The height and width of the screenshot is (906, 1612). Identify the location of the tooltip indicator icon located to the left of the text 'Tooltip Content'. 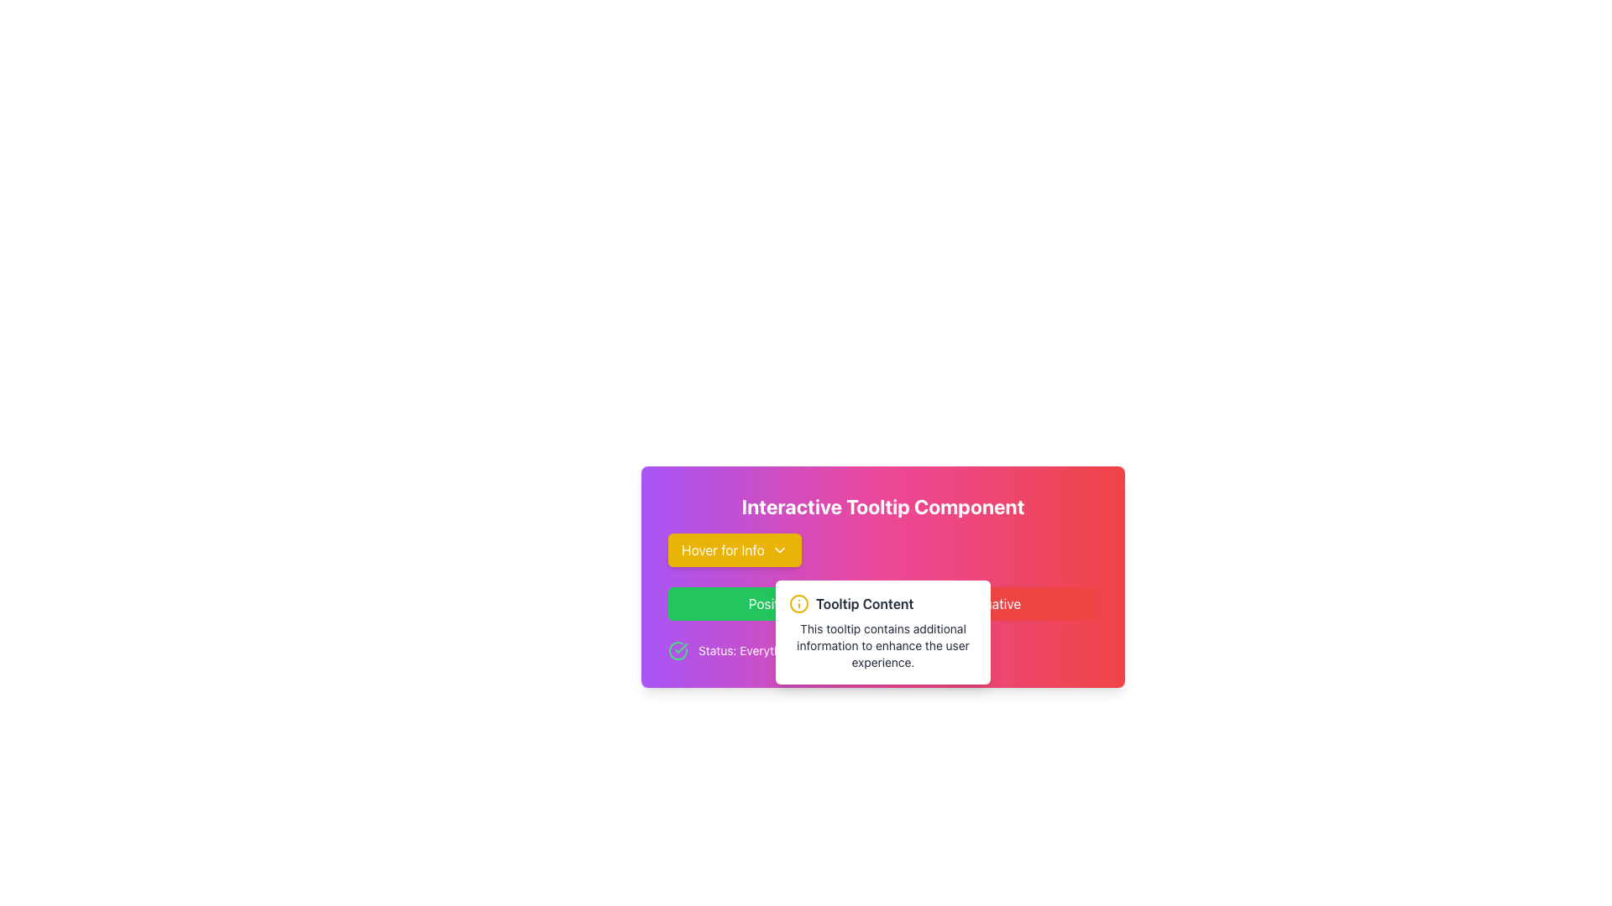
(798, 604).